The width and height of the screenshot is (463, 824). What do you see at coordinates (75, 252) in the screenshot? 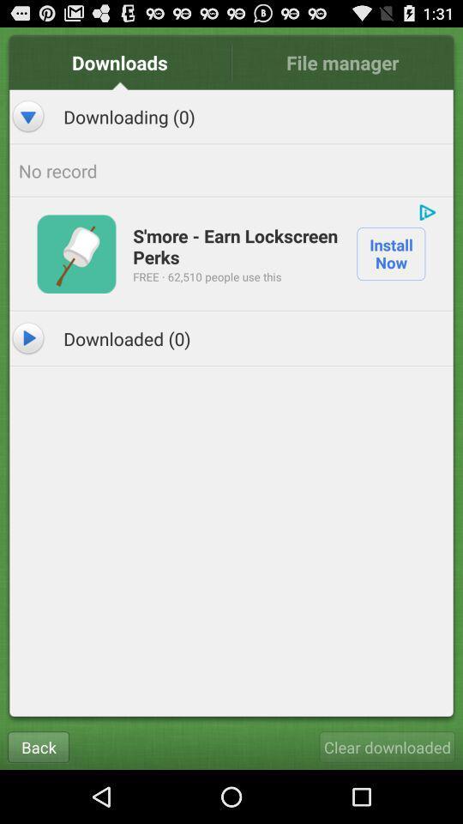
I see `item to the left of s more earn icon` at bounding box center [75, 252].